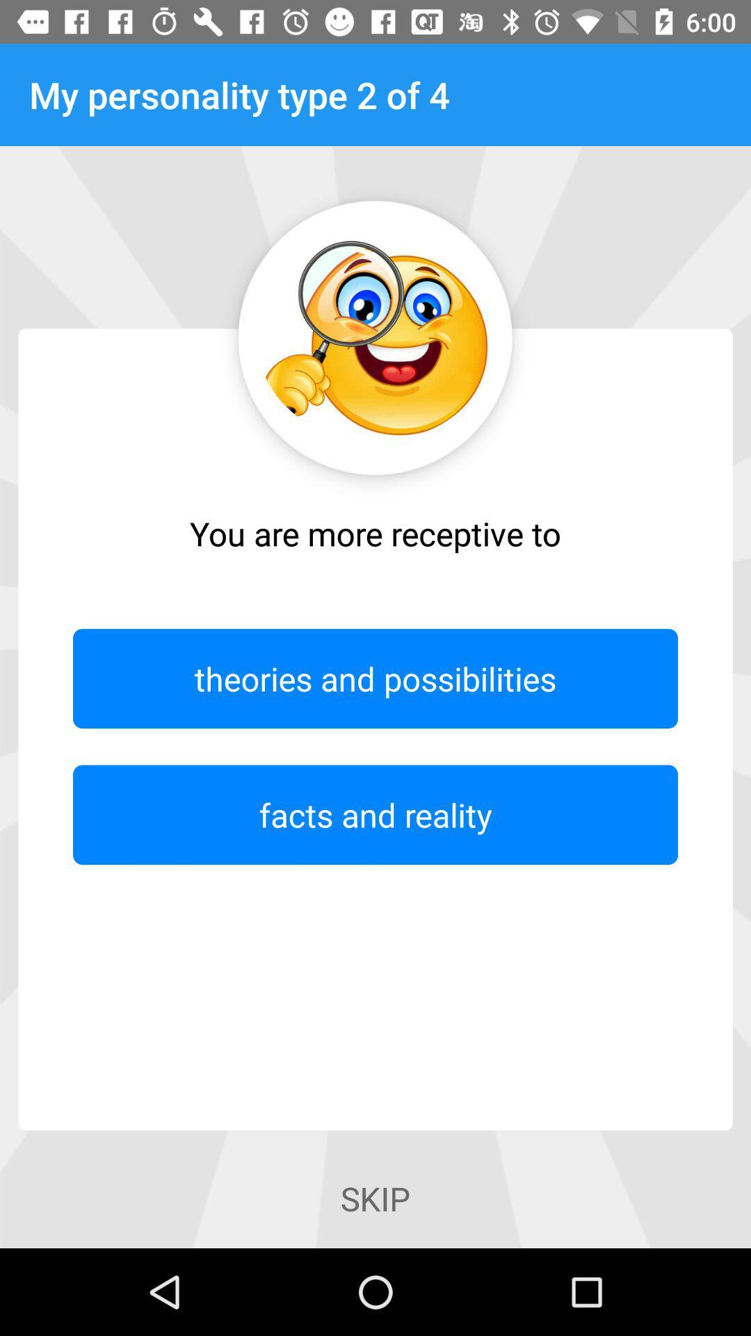 The width and height of the screenshot is (751, 1336). What do you see at coordinates (375, 815) in the screenshot?
I see `icon above the skip icon` at bounding box center [375, 815].